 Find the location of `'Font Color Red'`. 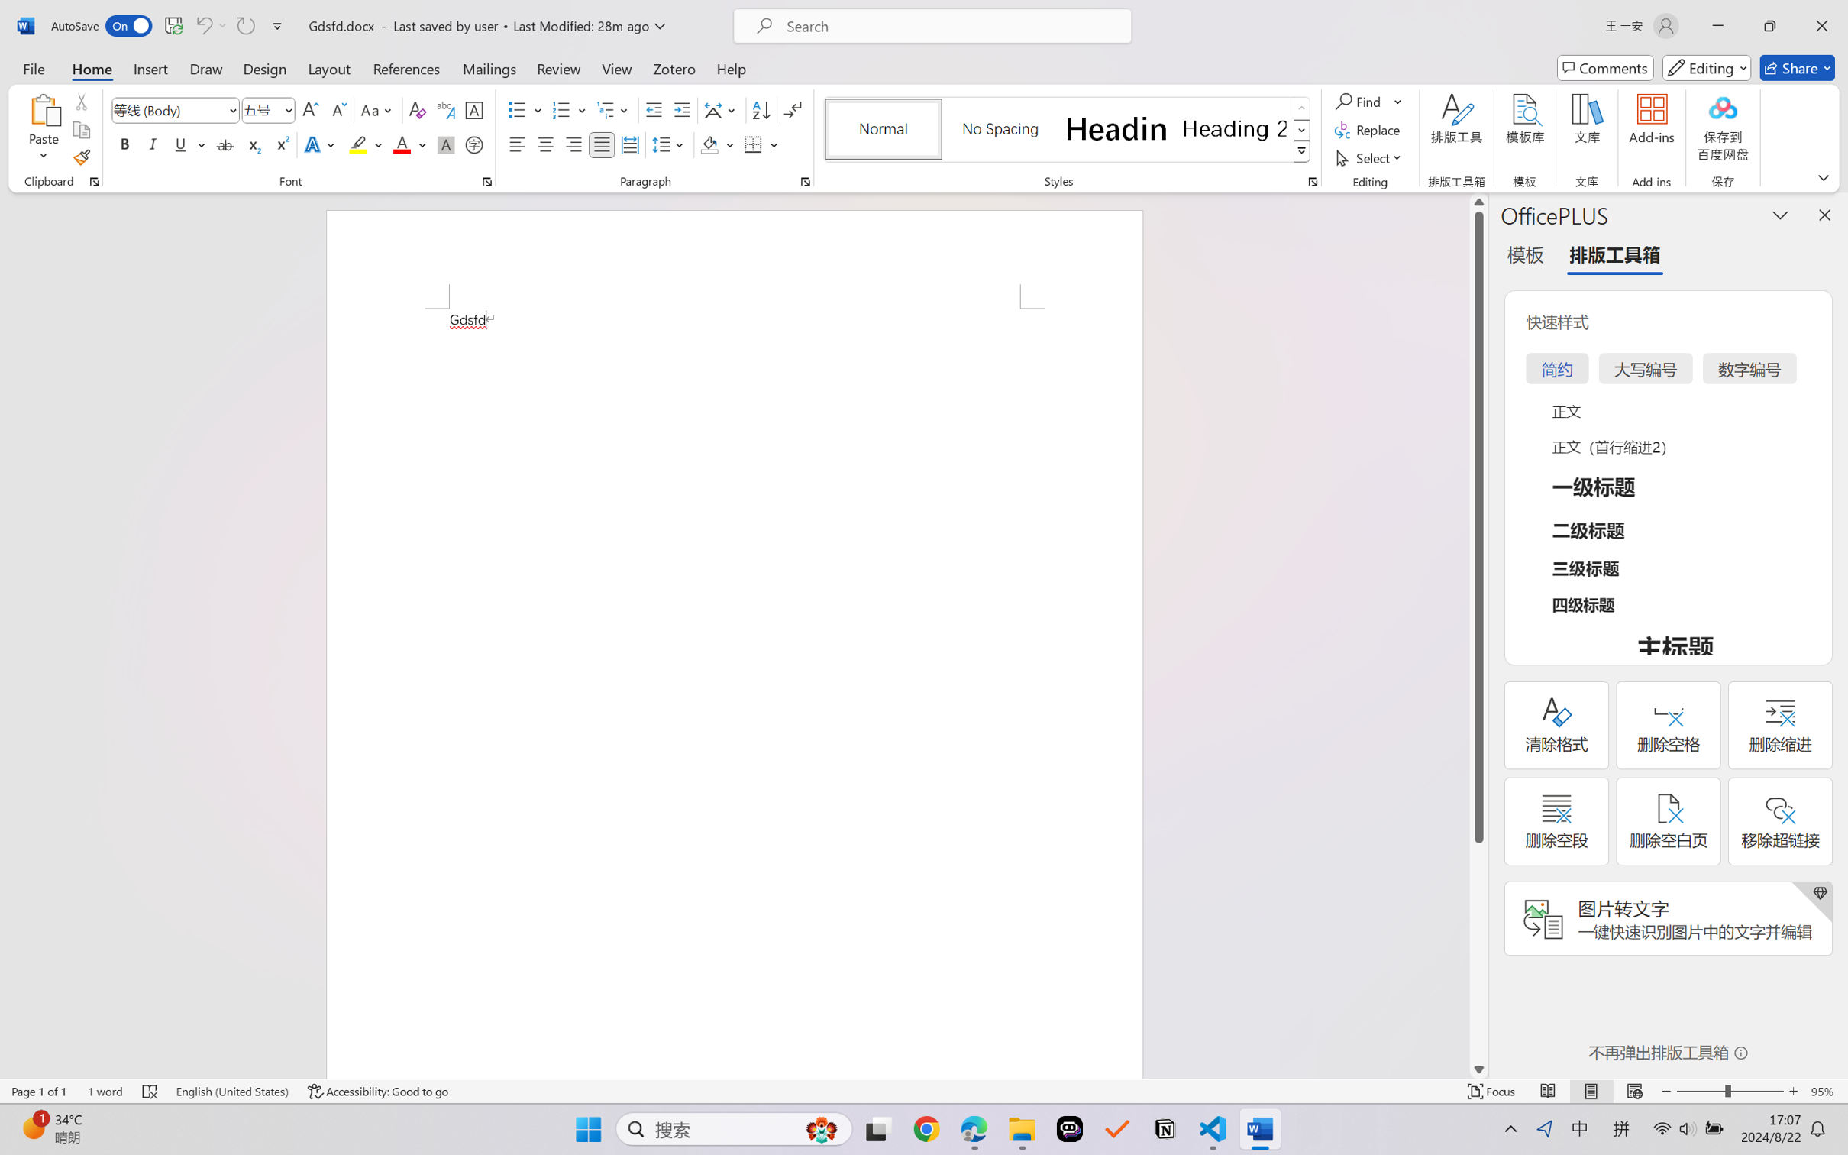

'Font Color Red' is located at coordinates (402, 144).